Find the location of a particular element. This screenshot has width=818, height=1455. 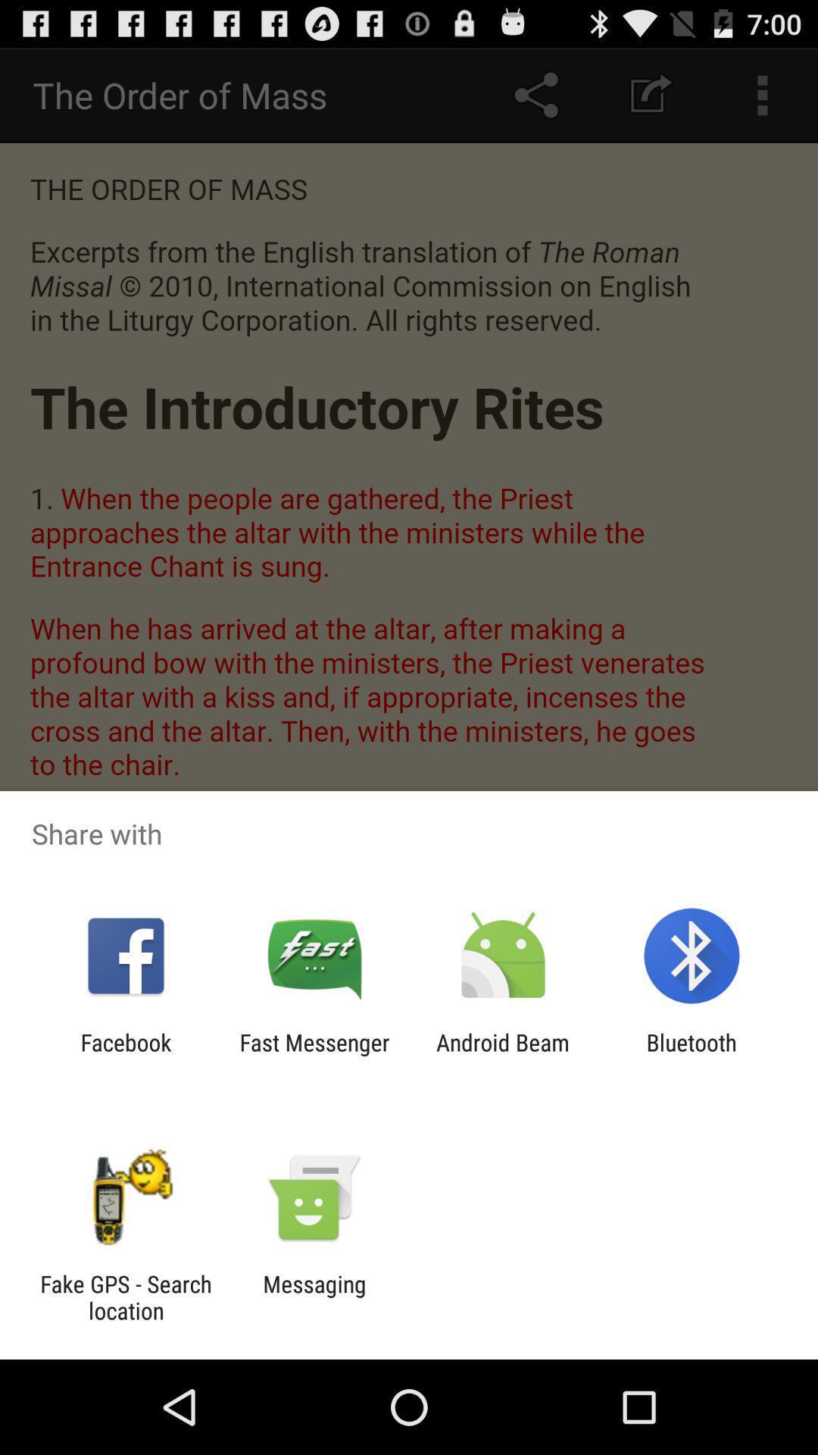

app to the right of android beam is located at coordinates (692, 1055).